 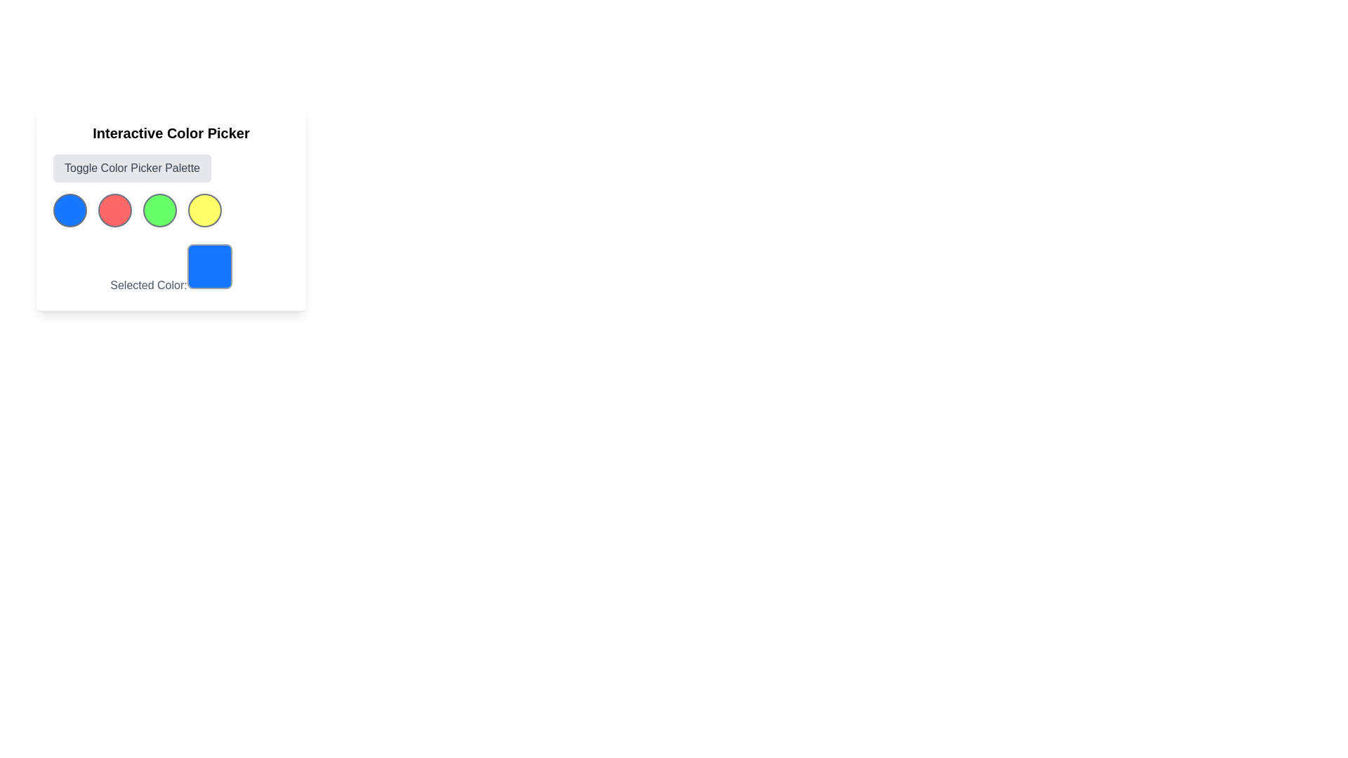 What do you see at coordinates (70, 211) in the screenshot?
I see `the blue circular button with a gray border located under the 'Interactive Color Picker' section` at bounding box center [70, 211].